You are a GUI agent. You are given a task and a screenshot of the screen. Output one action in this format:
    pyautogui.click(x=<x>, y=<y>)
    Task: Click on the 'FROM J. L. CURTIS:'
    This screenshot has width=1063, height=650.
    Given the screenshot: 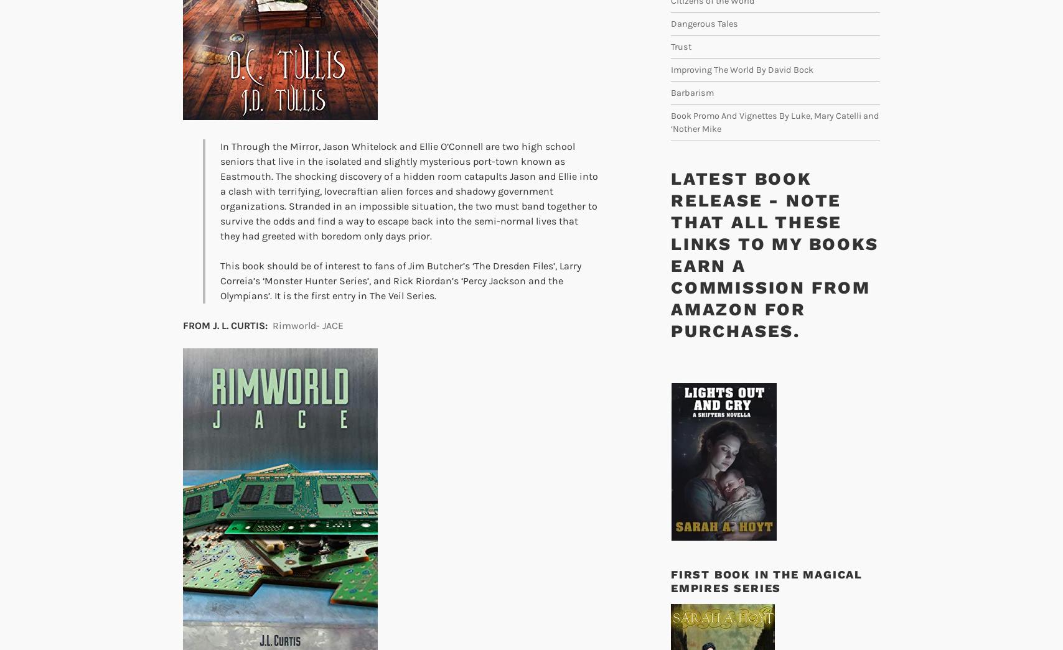 What is the action you would take?
    pyautogui.click(x=182, y=325)
    